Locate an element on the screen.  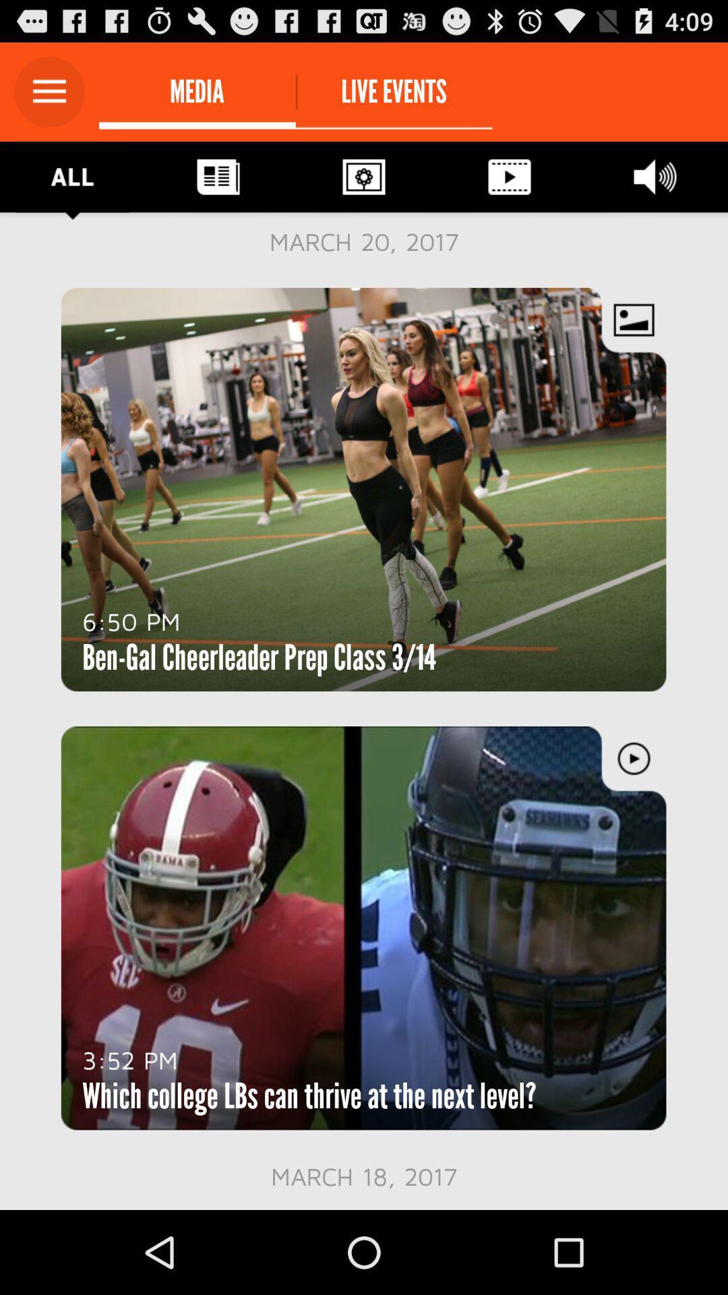
the icon to the right of media icon is located at coordinates (394, 91).